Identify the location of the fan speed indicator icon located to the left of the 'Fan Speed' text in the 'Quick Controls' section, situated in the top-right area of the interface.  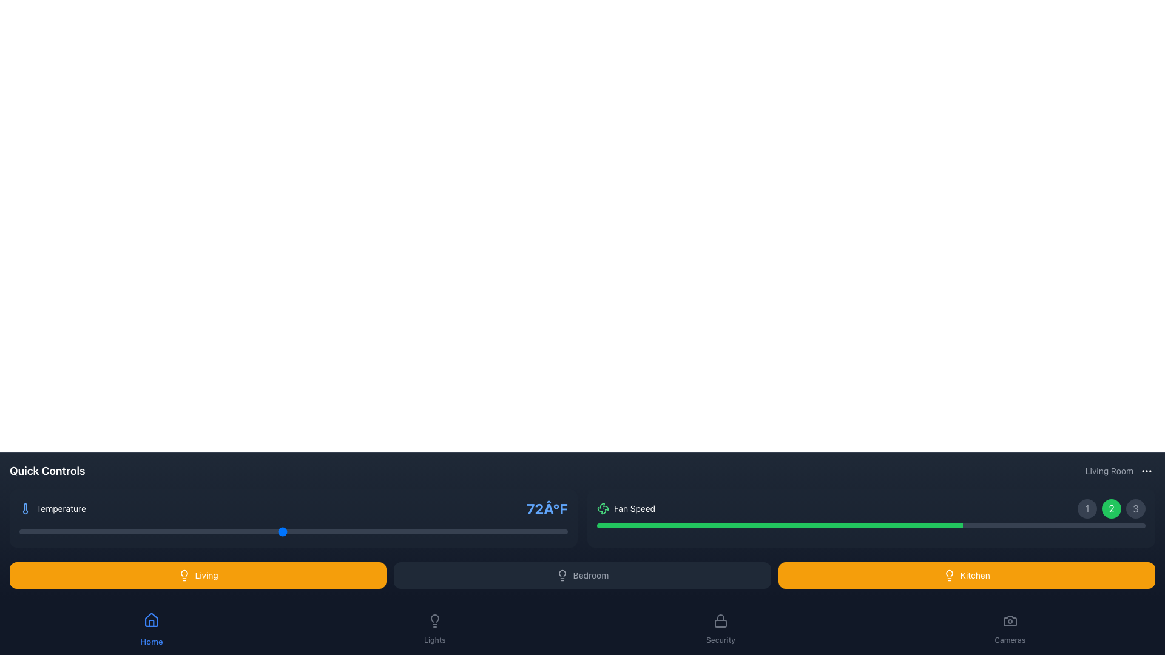
(603, 509).